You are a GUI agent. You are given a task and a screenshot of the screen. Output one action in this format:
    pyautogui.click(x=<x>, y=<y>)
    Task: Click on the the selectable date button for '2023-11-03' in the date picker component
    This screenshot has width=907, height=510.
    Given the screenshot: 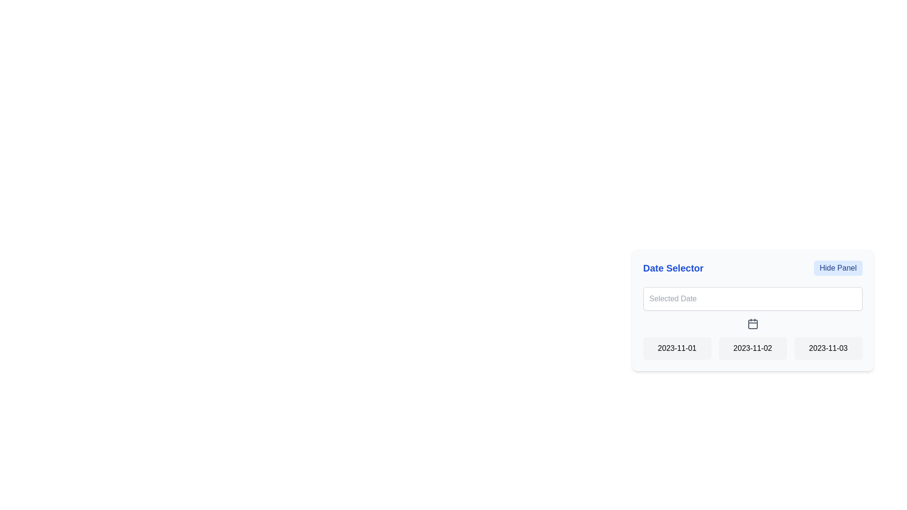 What is the action you would take?
    pyautogui.click(x=828, y=348)
    